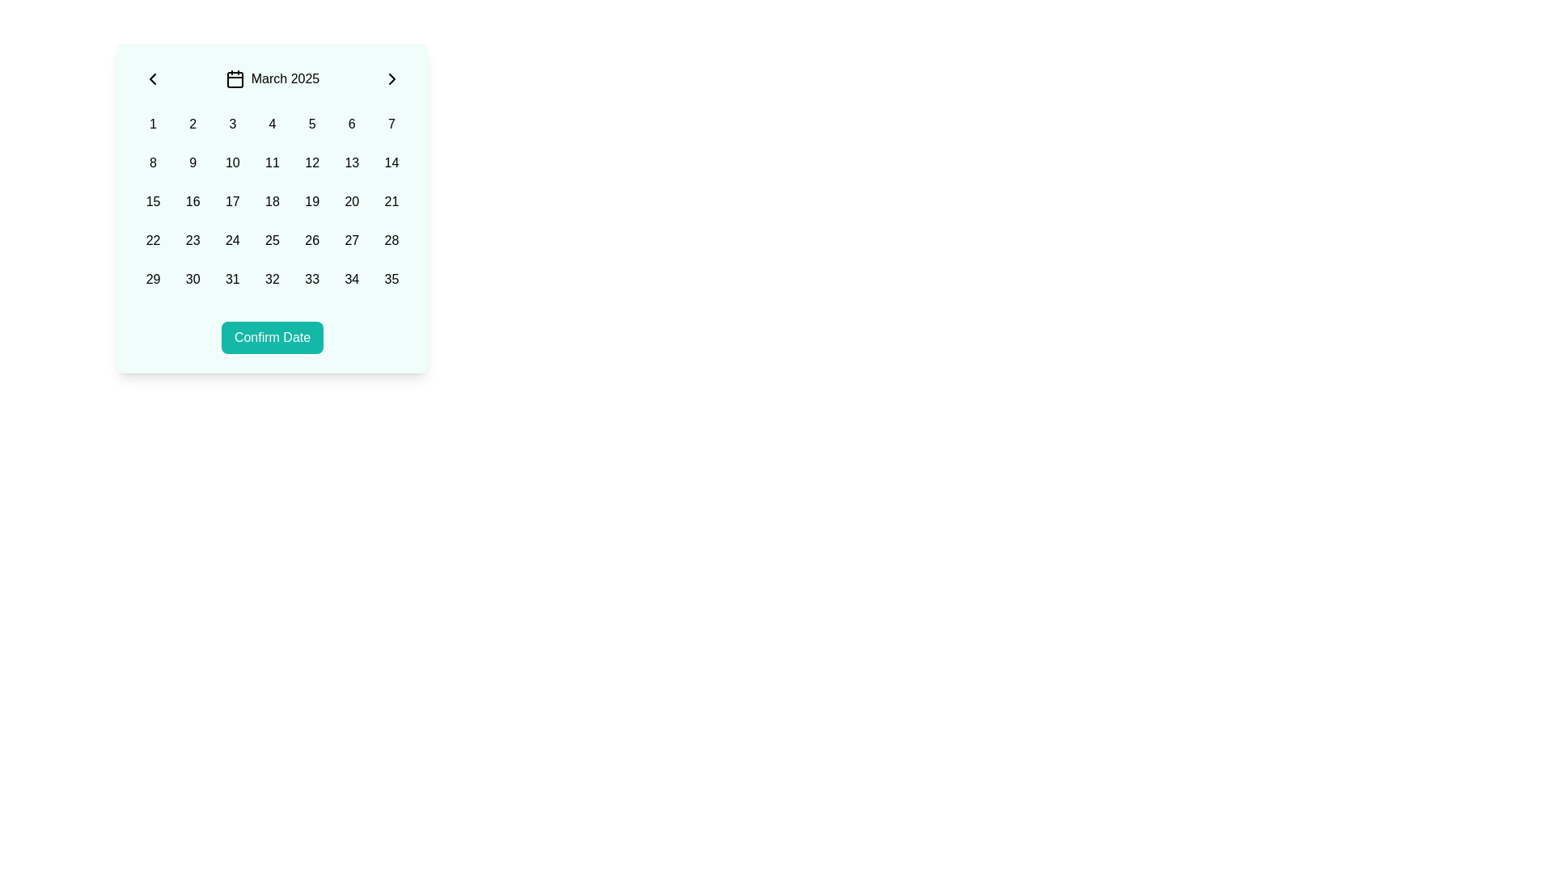  What do you see at coordinates (391, 124) in the screenshot?
I see `the button displaying the number '7', located at the top-right corner of the first row in the grid layout` at bounding box center [391, 124].